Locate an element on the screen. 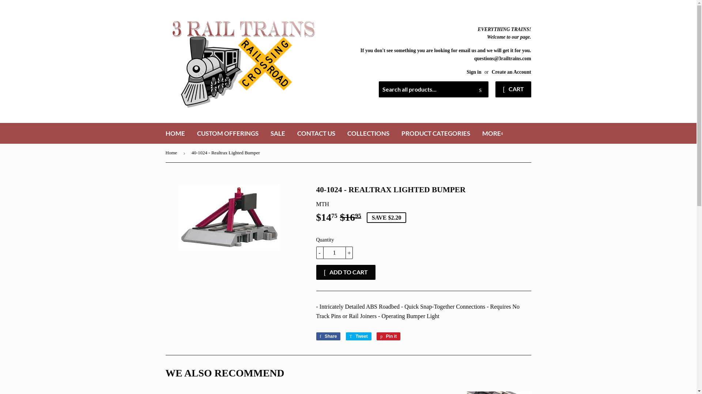  'MORE' is located at coordinates (477, 133).